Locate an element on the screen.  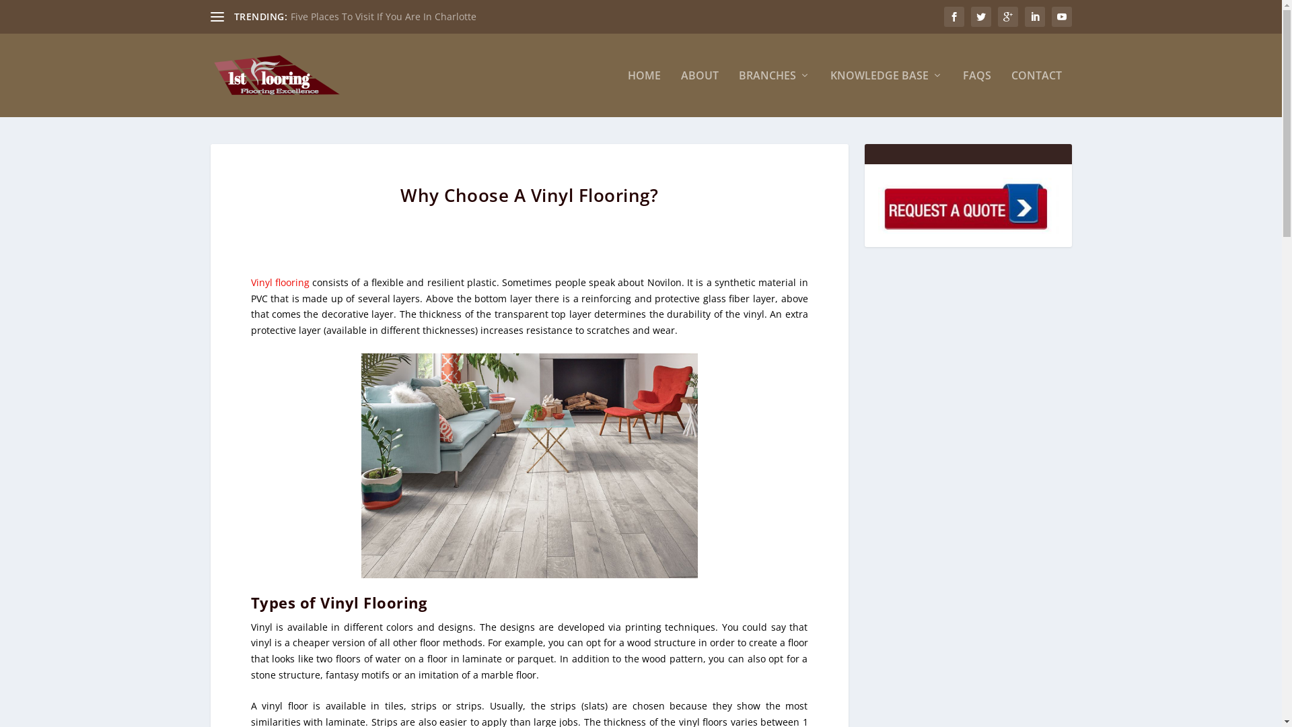
'KNOWLEDGE BASE' is located at coordinates (829, 92).